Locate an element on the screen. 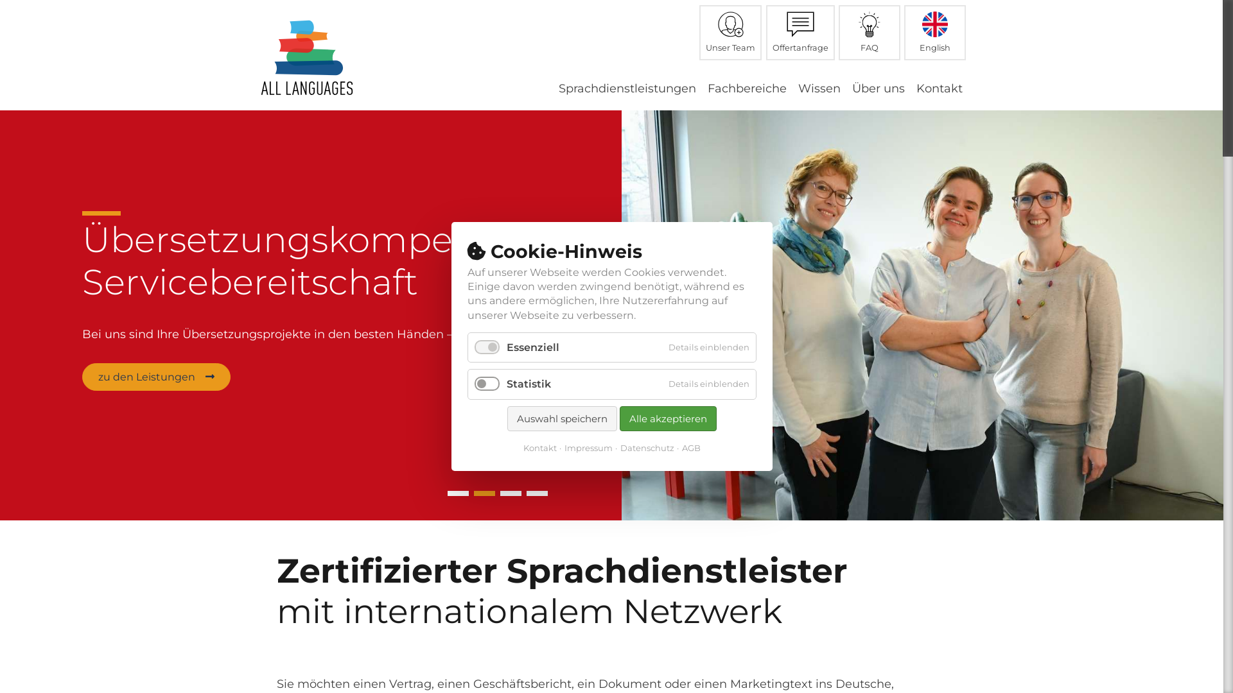 The image size is (1233, 693). 'Unser Team' is located at coordinates (730, 31).